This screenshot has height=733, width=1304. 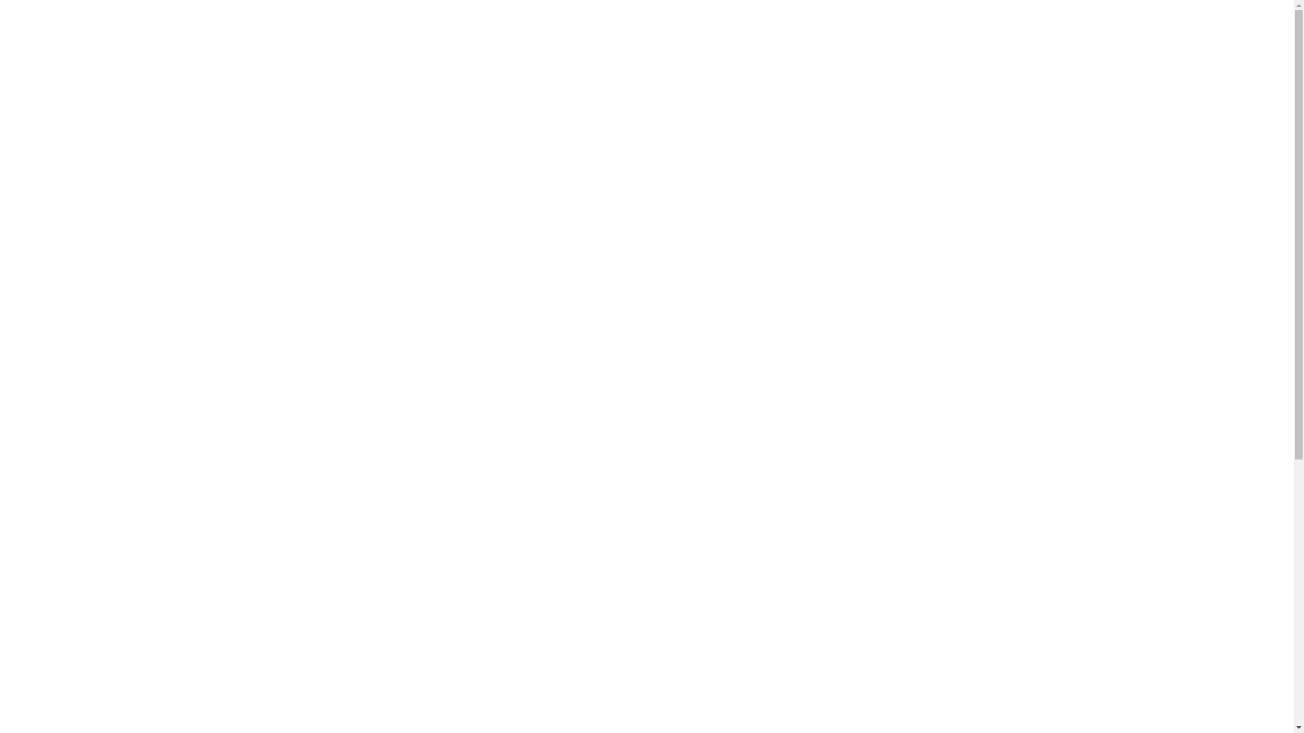 I want to click on 'Home', so click(x=46, y=83).